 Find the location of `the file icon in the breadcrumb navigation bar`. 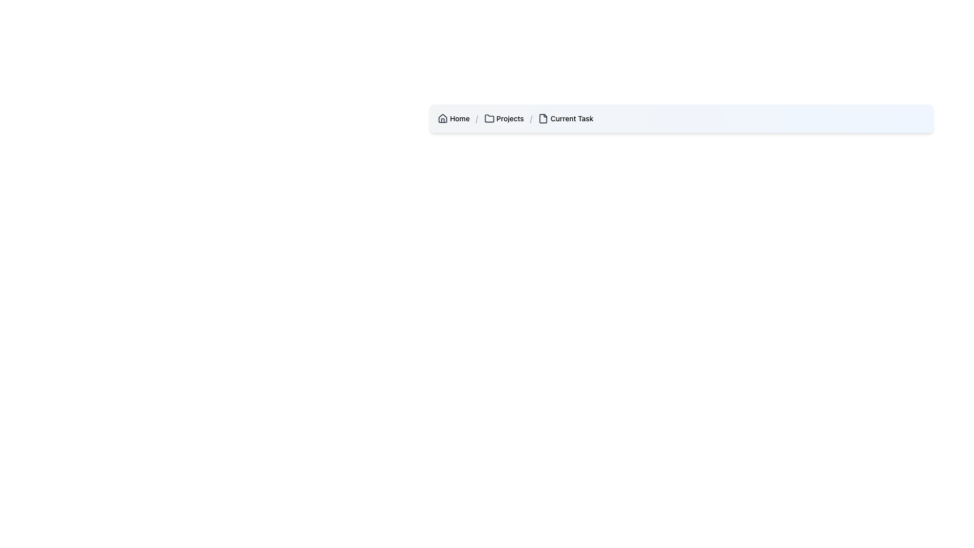

the file icon in the breadcrumb navigation bar is located at coordinates (543, 118).